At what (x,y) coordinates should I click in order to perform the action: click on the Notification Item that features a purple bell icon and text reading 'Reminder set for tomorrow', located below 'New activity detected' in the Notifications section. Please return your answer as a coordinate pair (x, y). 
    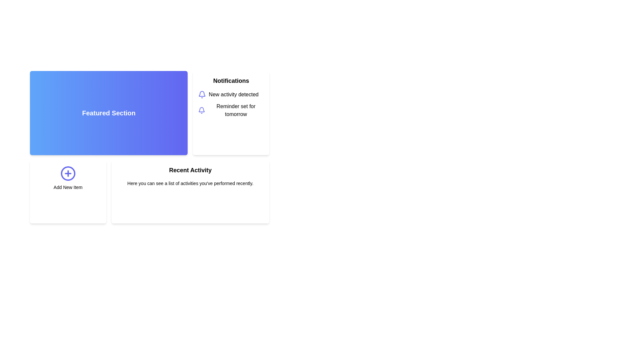
    Looking at the image, I should click on (231, 110).